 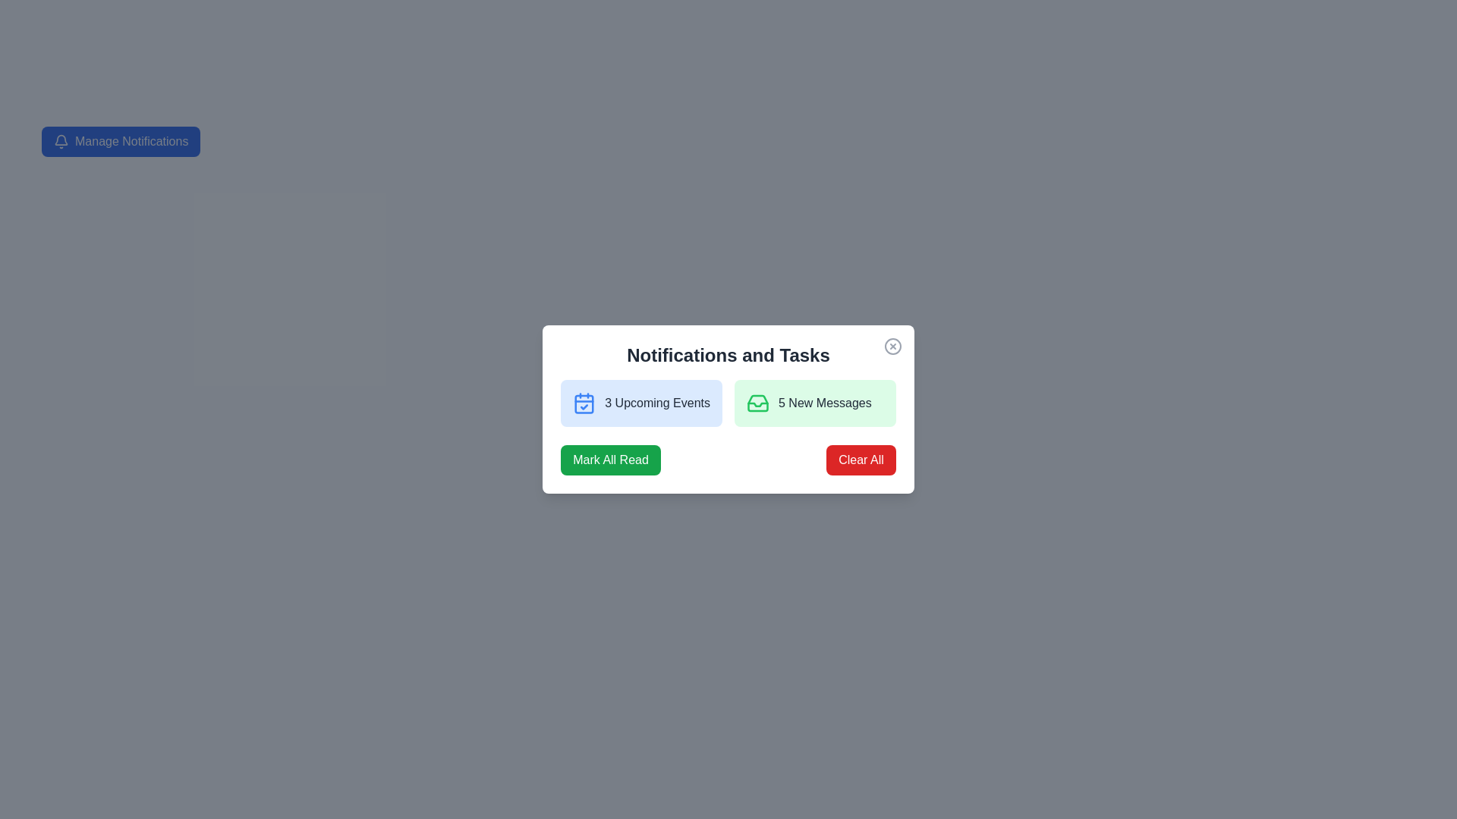 I want to click on the 5 new messages indicated by the Notification item located in the right column of the notifications panel, so click(x=814, y=403).